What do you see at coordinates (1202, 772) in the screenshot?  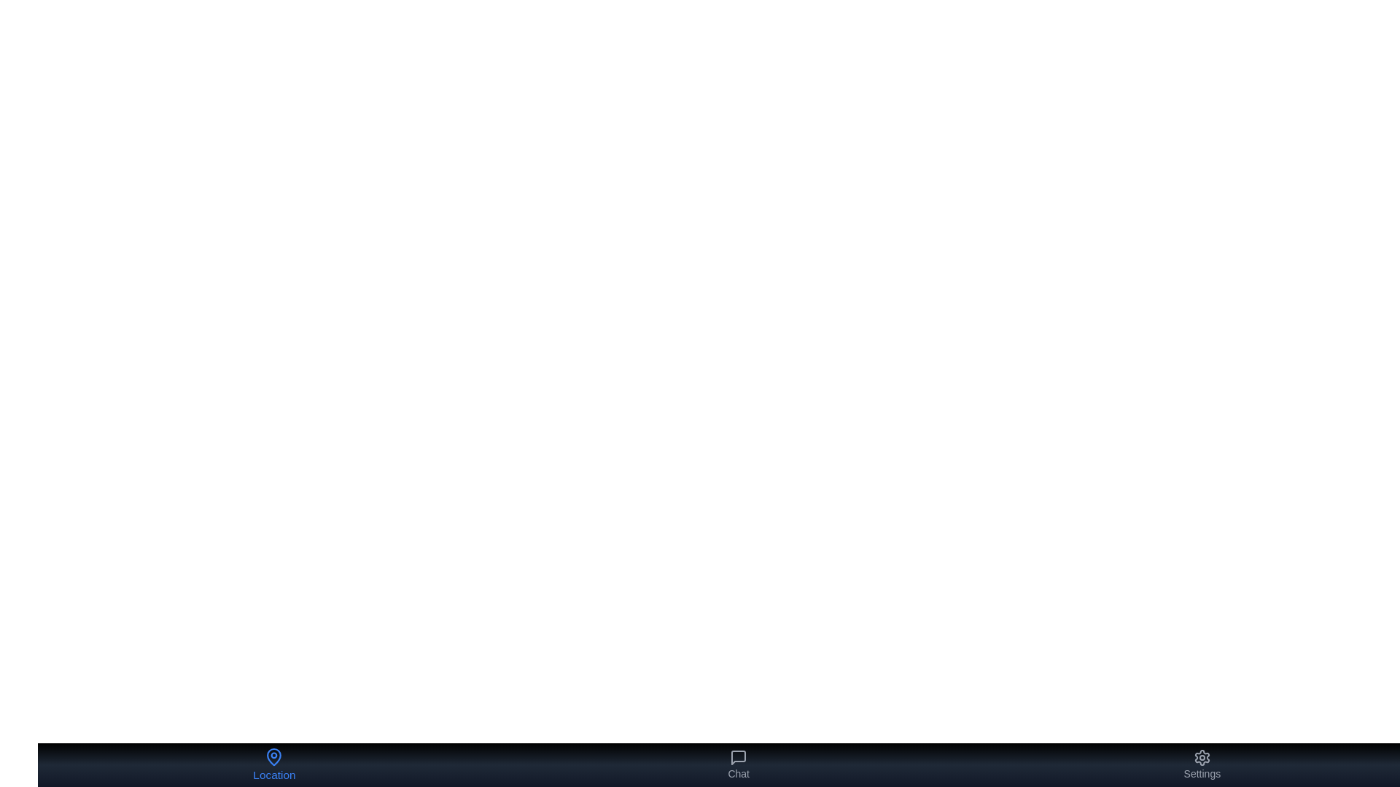 I see `the label under the button corresponding to Settings` at bounding box center [1202, 772].